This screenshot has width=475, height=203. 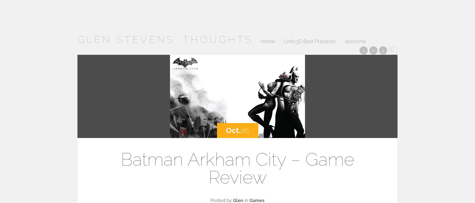 I want to click on 'in', so click(x=243, y=200).